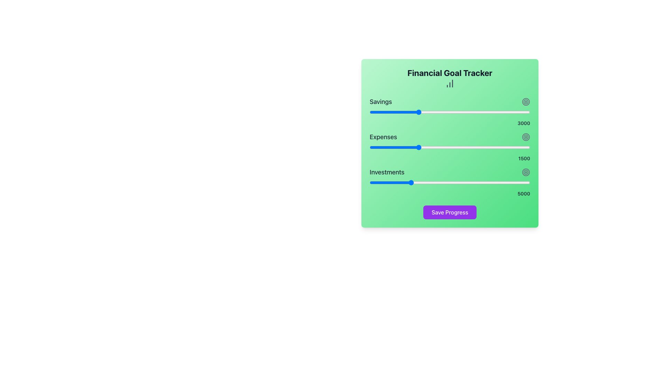 The height and width of the screenshot is (373, 664). Describe the element at coordinates (487, 147) in the screenshot. I see `the expense value` at that location.